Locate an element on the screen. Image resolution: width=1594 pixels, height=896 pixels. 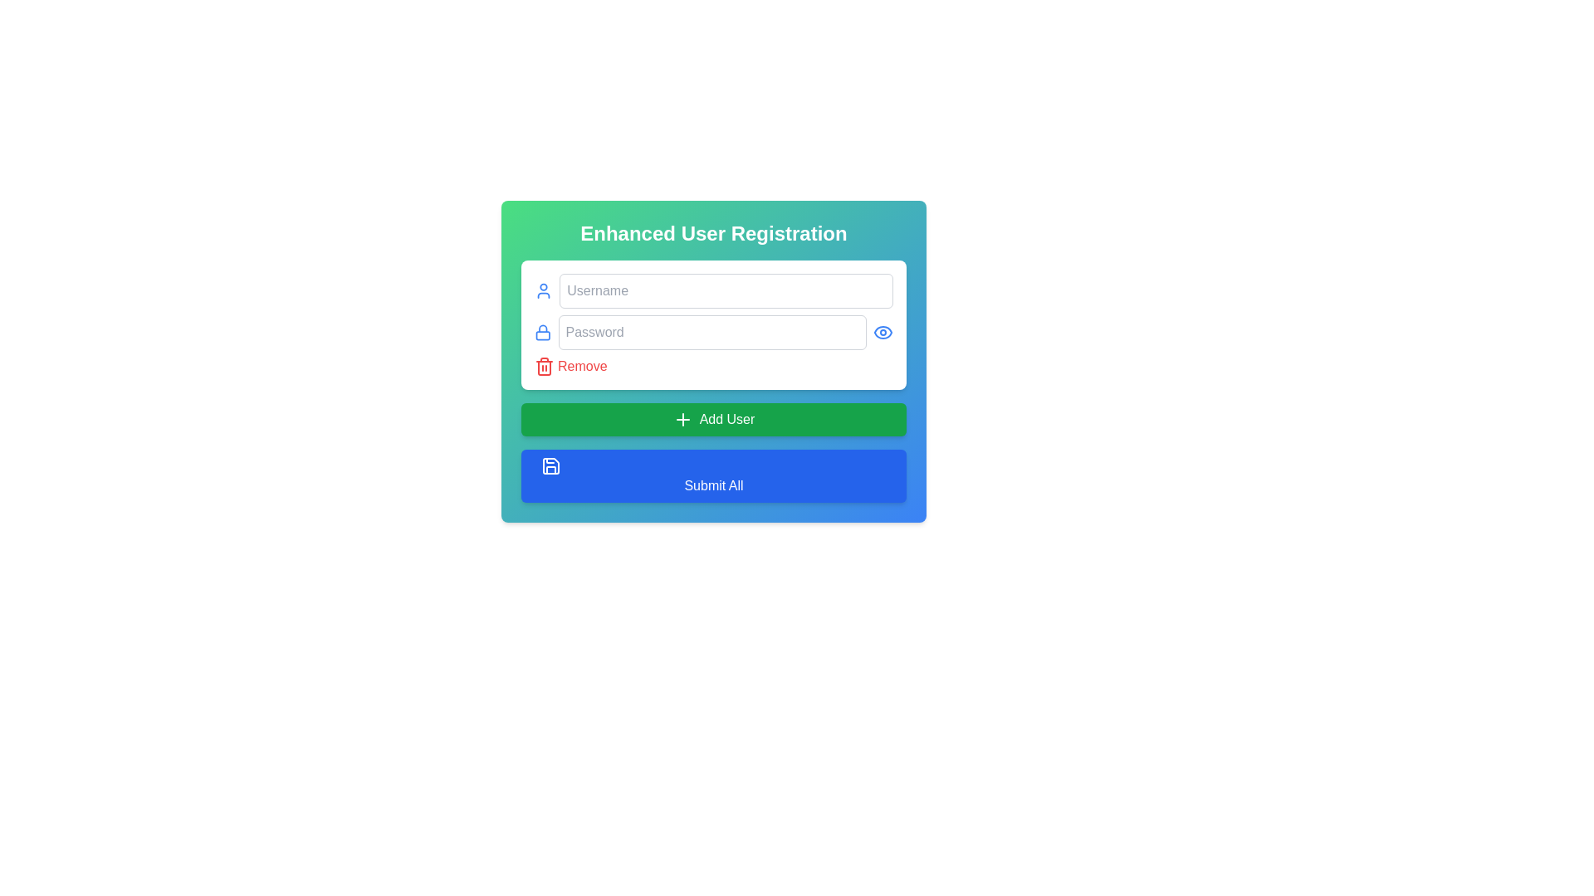
the blue lock icon located to the left of the password text field in the registration form is located at coordinates (543, 333).